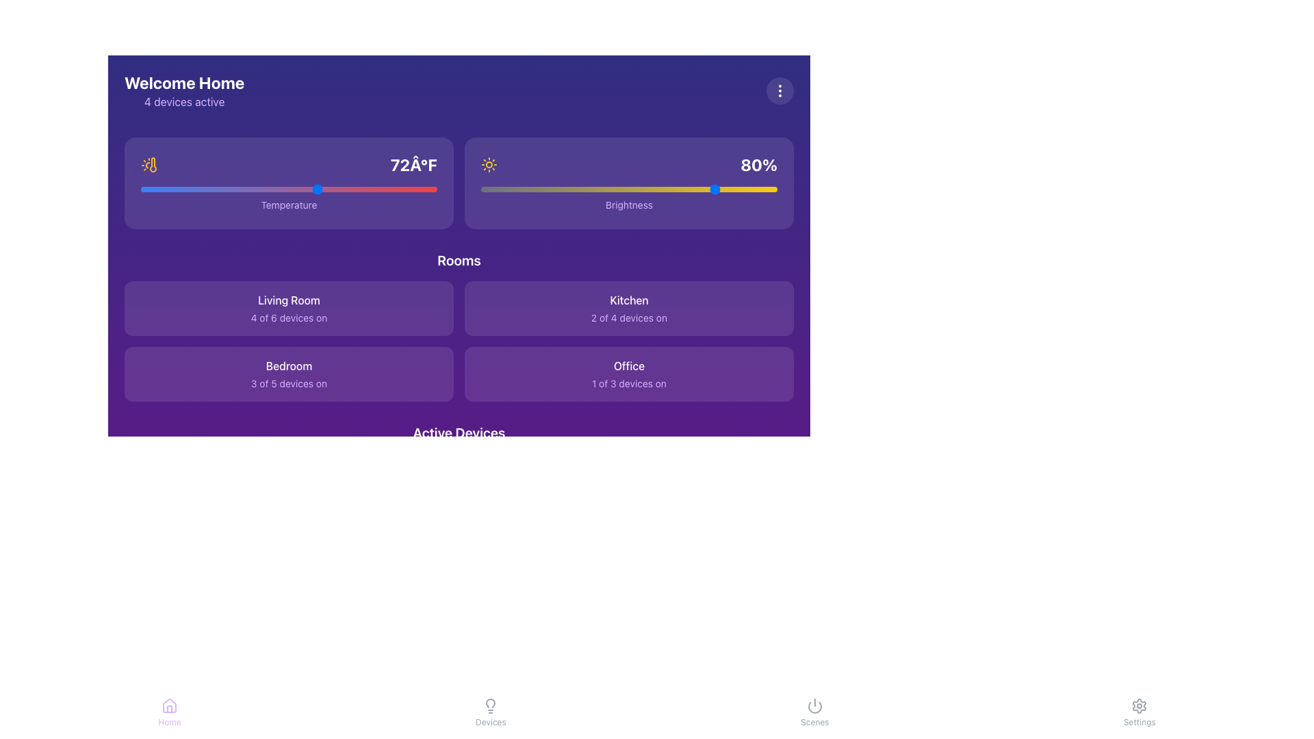 This screenshot has width=1314, height=739. Describe the element at coordinates (288, 383) in the screenshot. I see `the informational label indicating the number of active devices in the 'Bedroom' section, which is located below the 'Bedroom' title within the 'Rooms' card` at that location.